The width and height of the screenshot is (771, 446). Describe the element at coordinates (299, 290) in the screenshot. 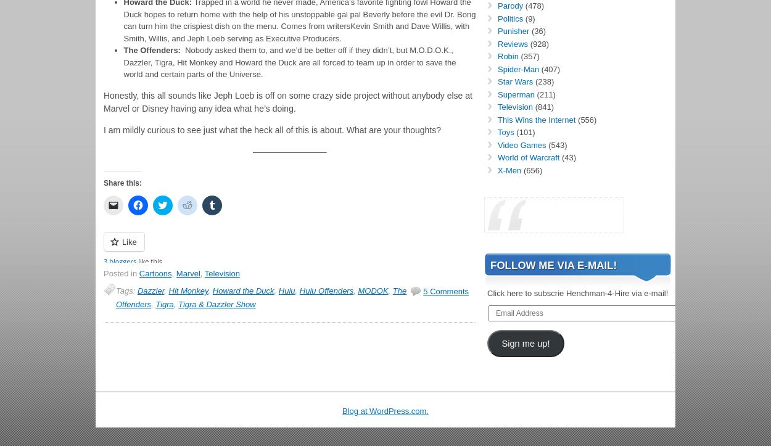

I see `'Hulu Offenders'` at that location.